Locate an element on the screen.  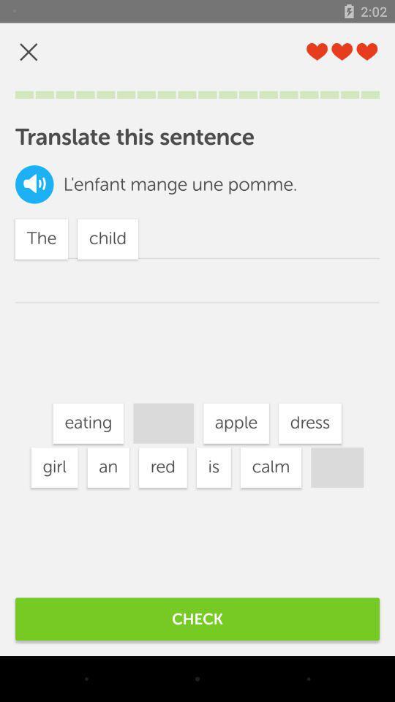
the volume icon is located at coordinates (34, 184).